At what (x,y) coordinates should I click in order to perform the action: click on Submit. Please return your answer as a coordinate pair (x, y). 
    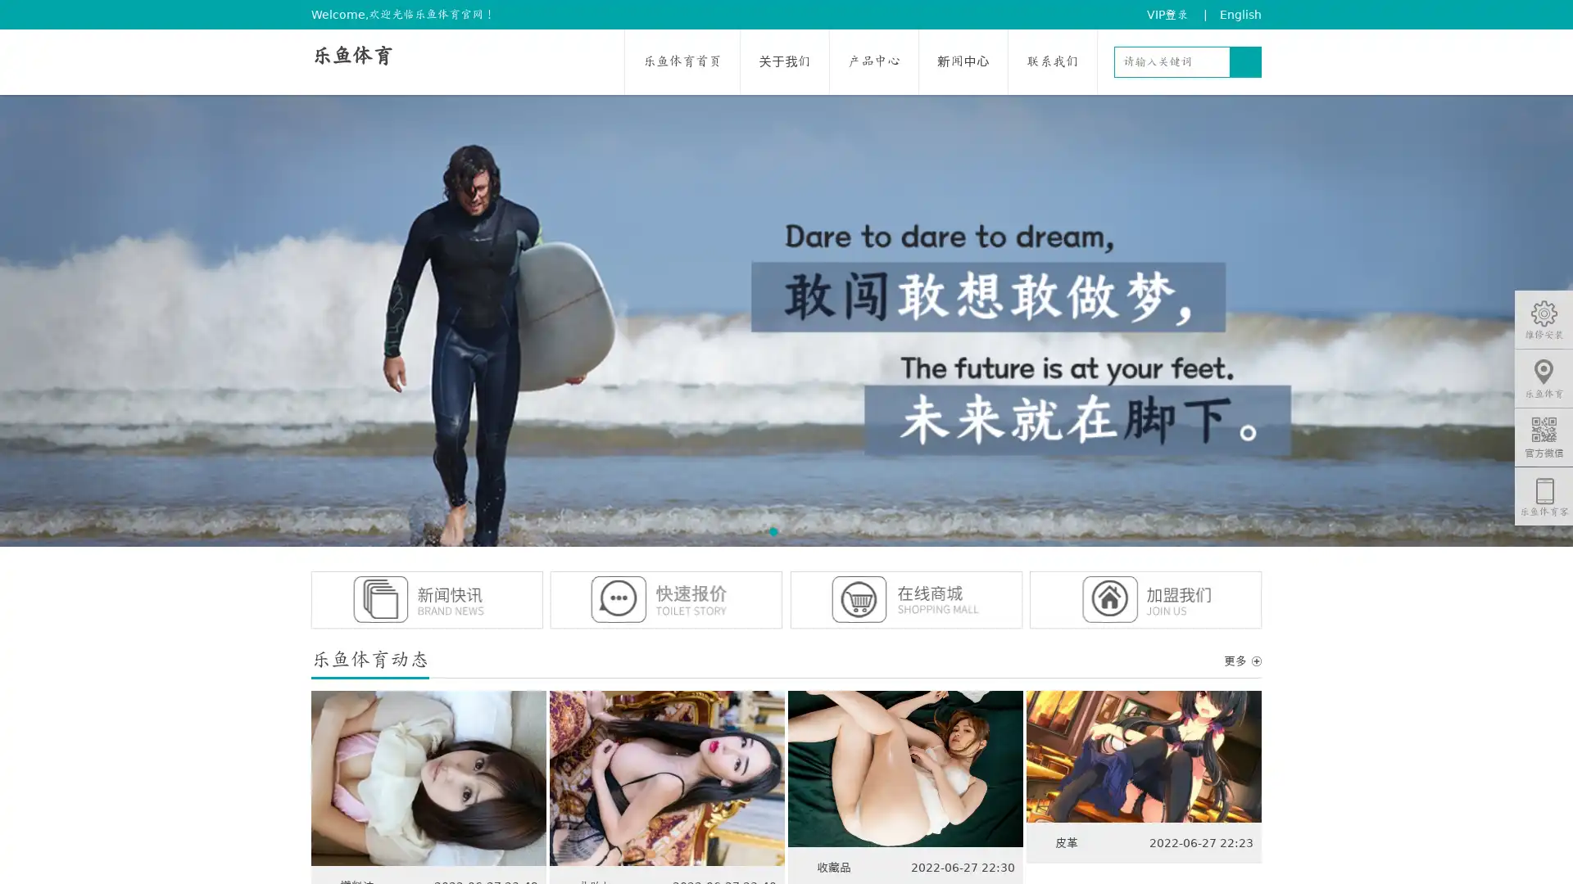
    Looking at the image, I should click on (1245, 61).